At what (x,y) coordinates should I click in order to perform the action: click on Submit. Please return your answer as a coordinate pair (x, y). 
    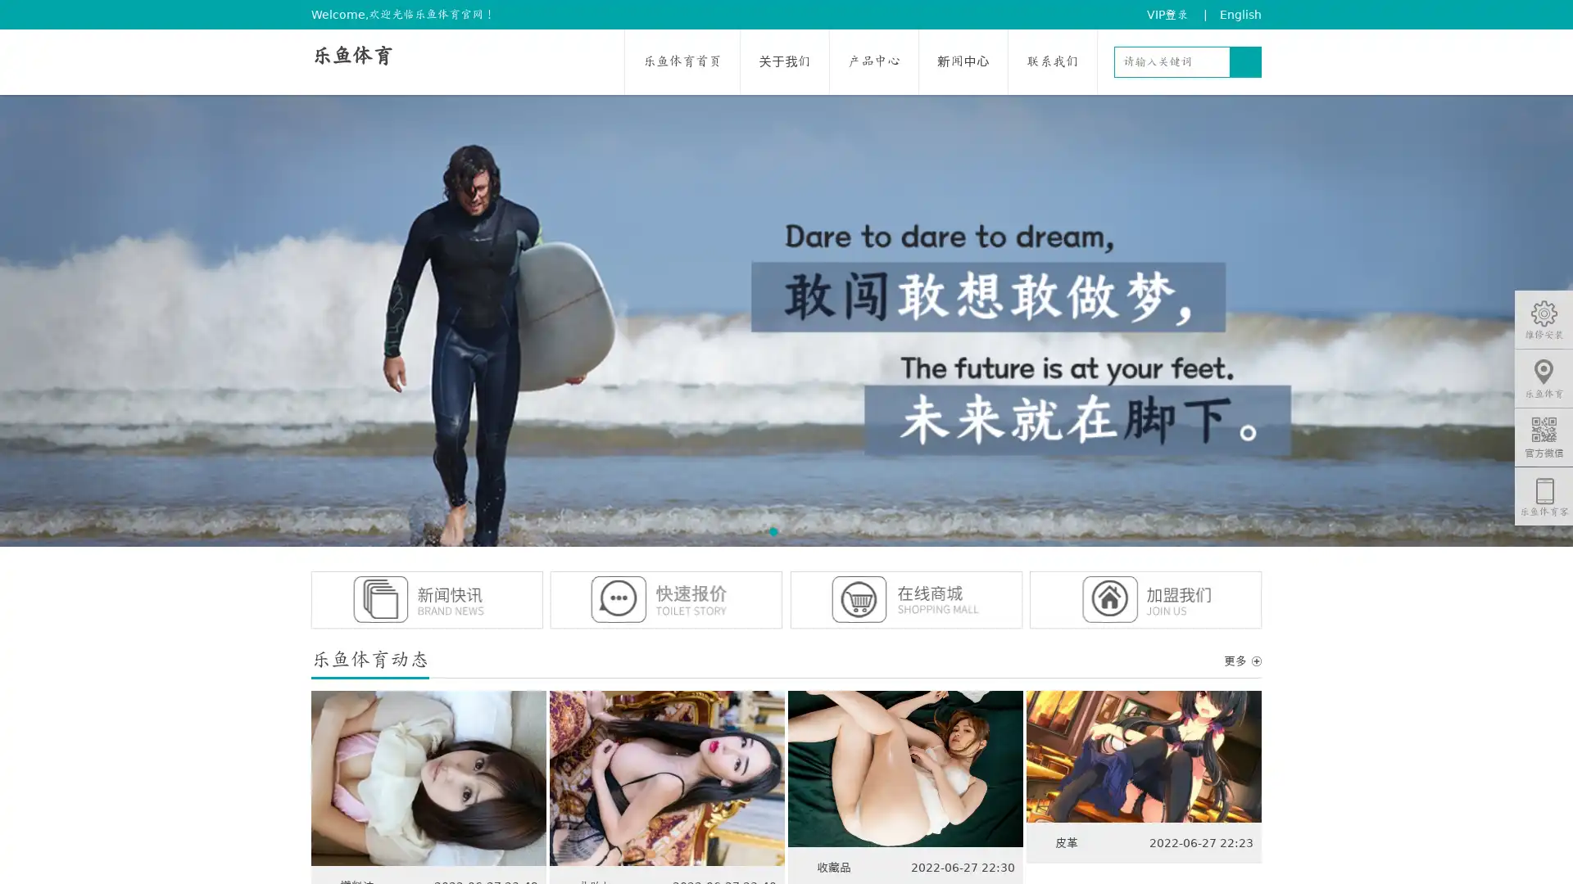
    Looking at the image, I should click on (1245, 61).